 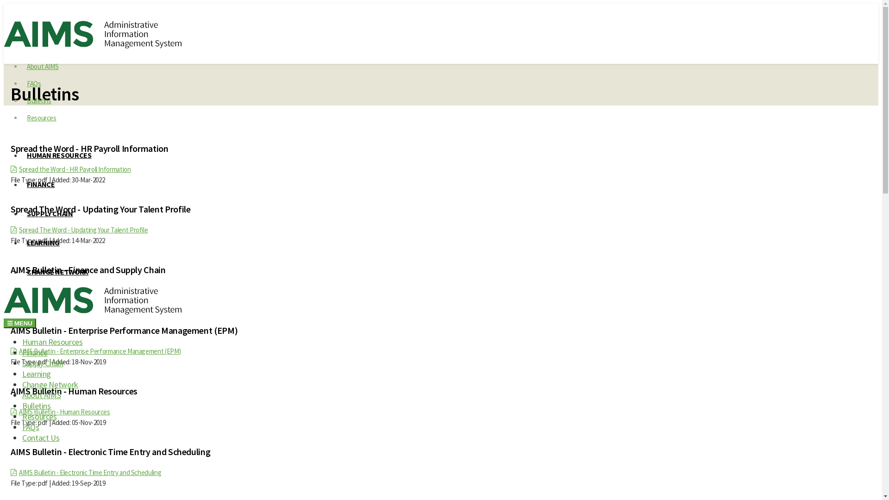 I want to click on 'Finance', so click(x=35, y=352).